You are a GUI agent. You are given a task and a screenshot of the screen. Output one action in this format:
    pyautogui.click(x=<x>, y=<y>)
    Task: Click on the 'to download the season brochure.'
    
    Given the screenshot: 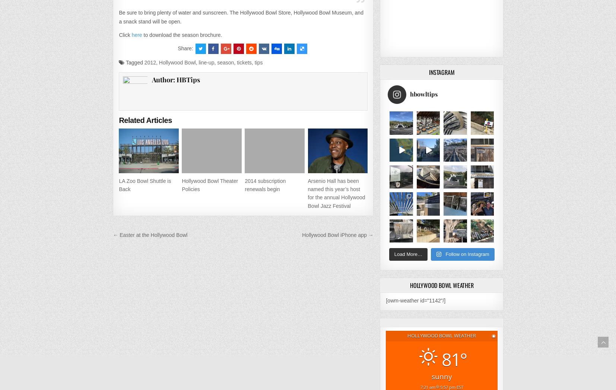 What is the action you would take?
    pyautogui.click(x=182, y=34)
    